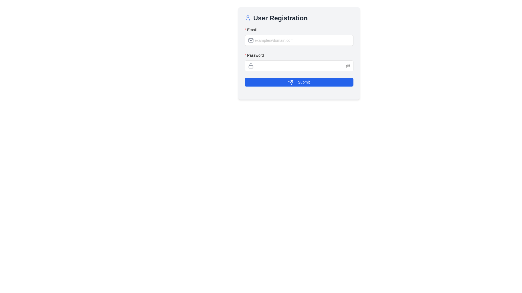 The image size is (522, 293). I want to click on the 'eye with a strike-through' icon in the suffix area of the password input field, so click(347, 66).